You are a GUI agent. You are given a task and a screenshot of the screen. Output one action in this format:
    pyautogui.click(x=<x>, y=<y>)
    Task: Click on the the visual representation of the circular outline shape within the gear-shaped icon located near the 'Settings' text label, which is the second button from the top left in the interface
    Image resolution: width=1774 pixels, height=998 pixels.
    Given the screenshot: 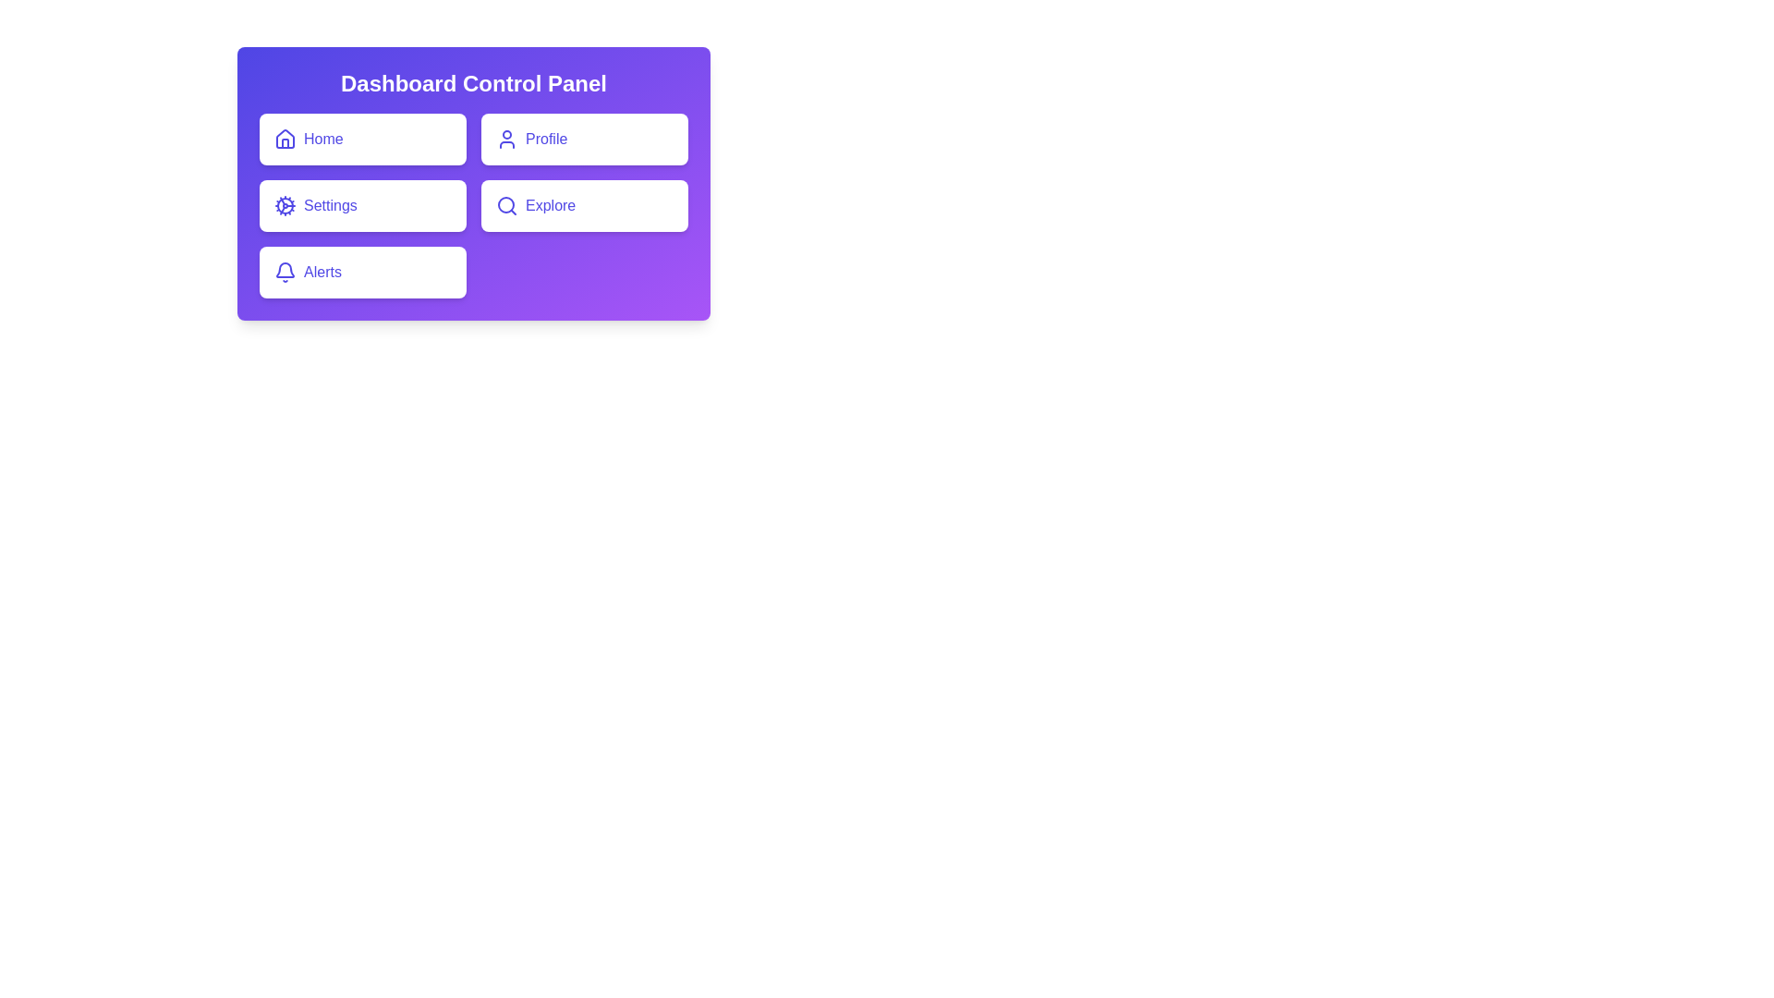 What is the action you would take?
    pyautogui.click(x=284, y=206)
    